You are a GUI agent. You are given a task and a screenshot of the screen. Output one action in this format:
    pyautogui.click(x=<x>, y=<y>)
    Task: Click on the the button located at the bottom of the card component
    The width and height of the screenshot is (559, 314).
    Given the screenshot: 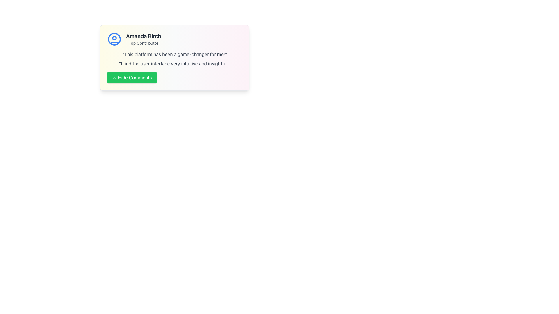 What is the action you would take?
    pyautogui.click(x=174, y=77)
    